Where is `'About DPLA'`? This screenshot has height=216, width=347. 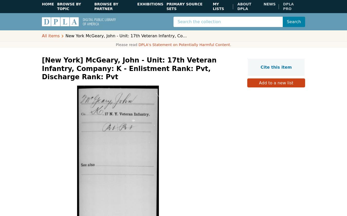
'About DPLA' is located at coordinates (244, 6).